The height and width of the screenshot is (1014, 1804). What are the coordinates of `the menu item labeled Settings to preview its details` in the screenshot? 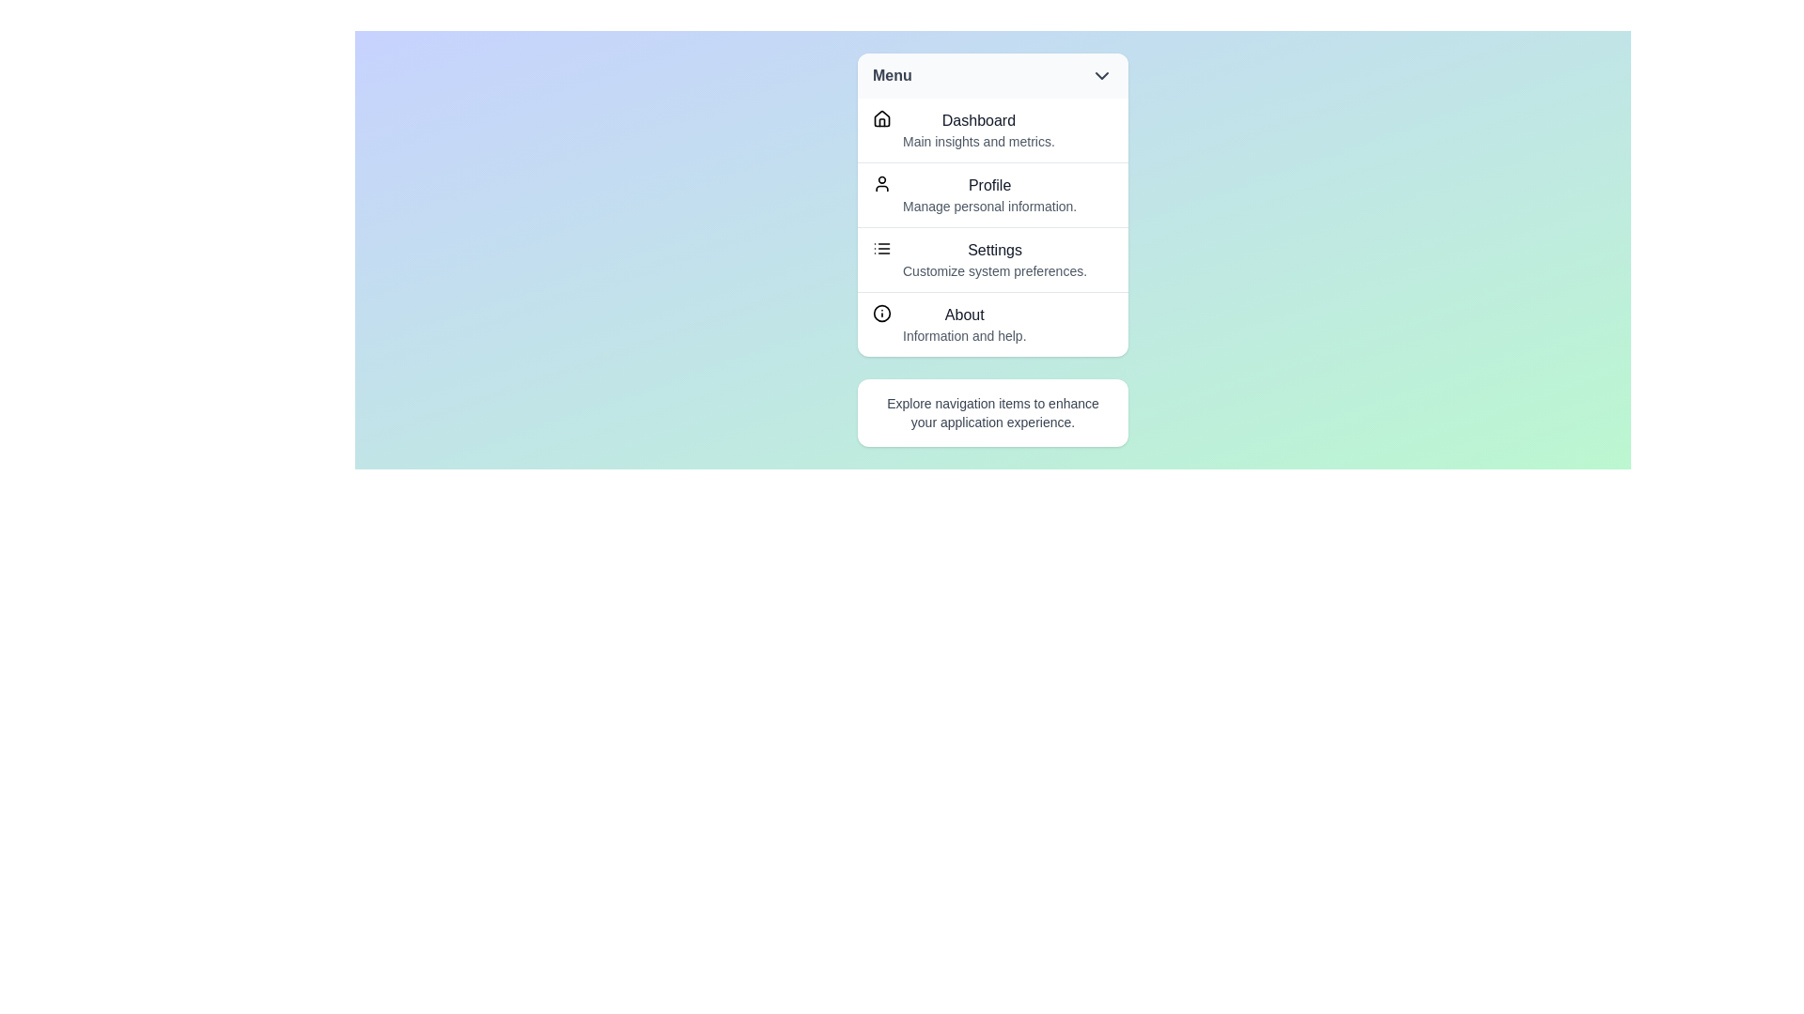 It's located at (991, 259).